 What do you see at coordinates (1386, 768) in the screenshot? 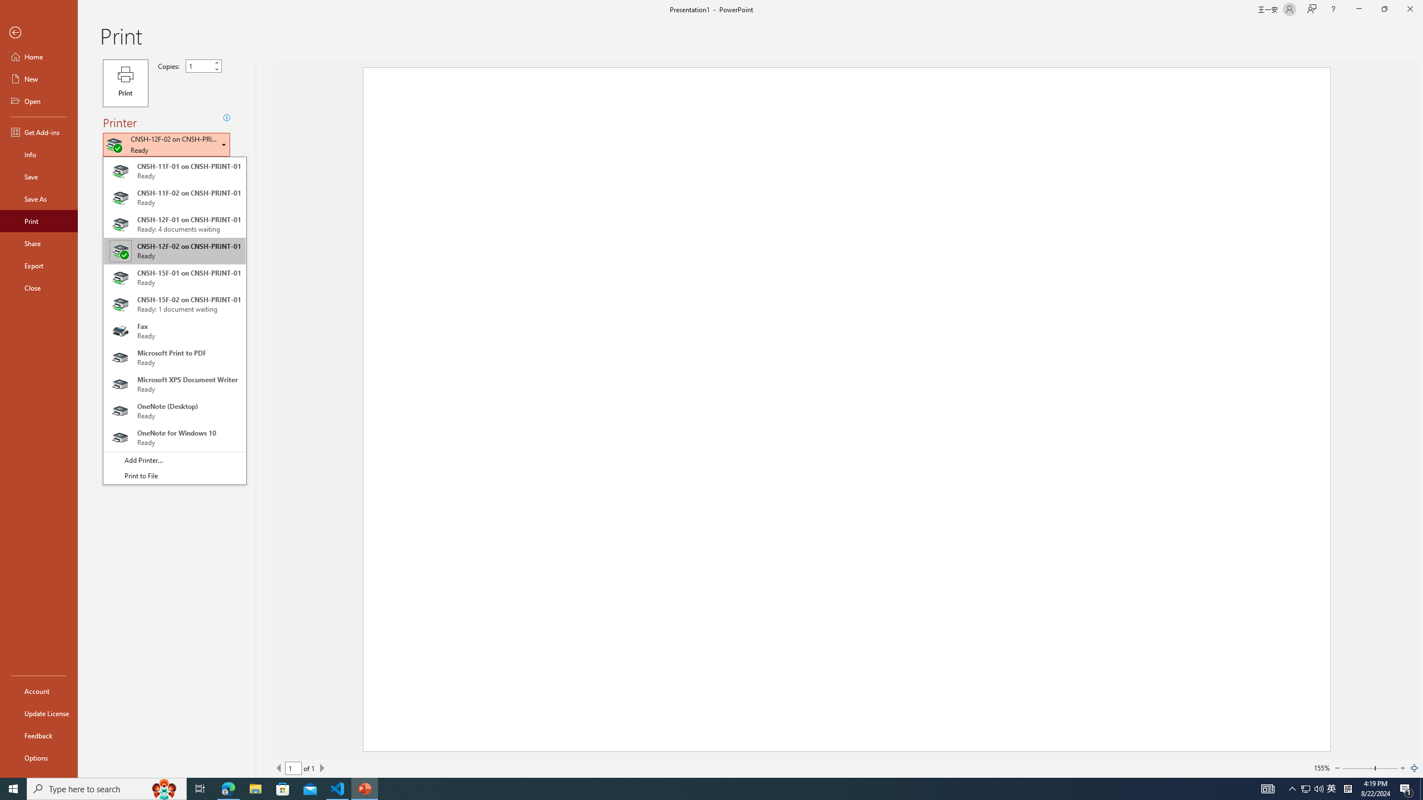
I see `'Page right'` at bounding box center [1386, 768].